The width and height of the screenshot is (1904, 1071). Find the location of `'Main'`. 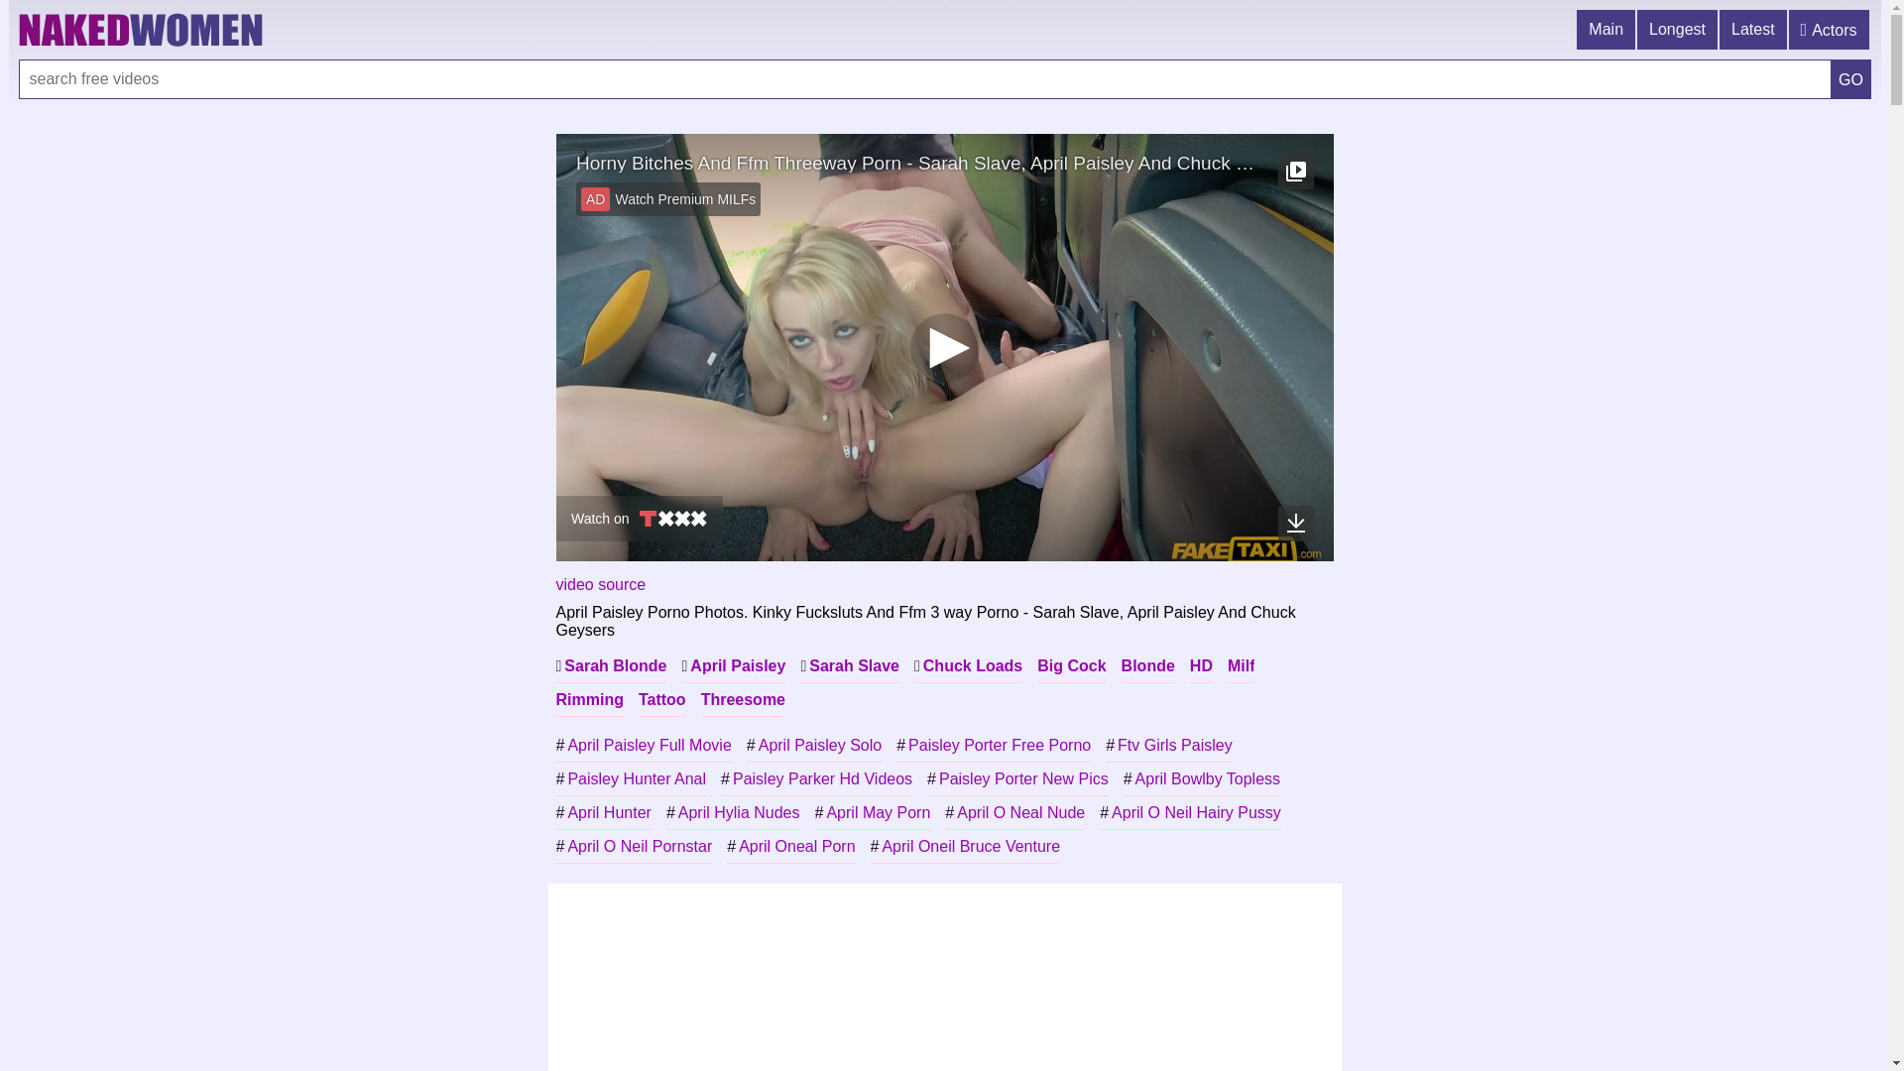

'Main' is located at coordinates (1606, 30).